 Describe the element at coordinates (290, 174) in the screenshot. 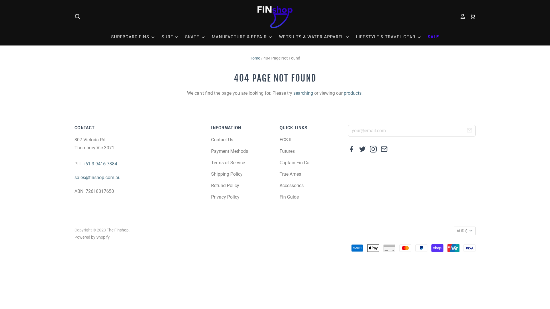

I see `'True Ames'` at that location.